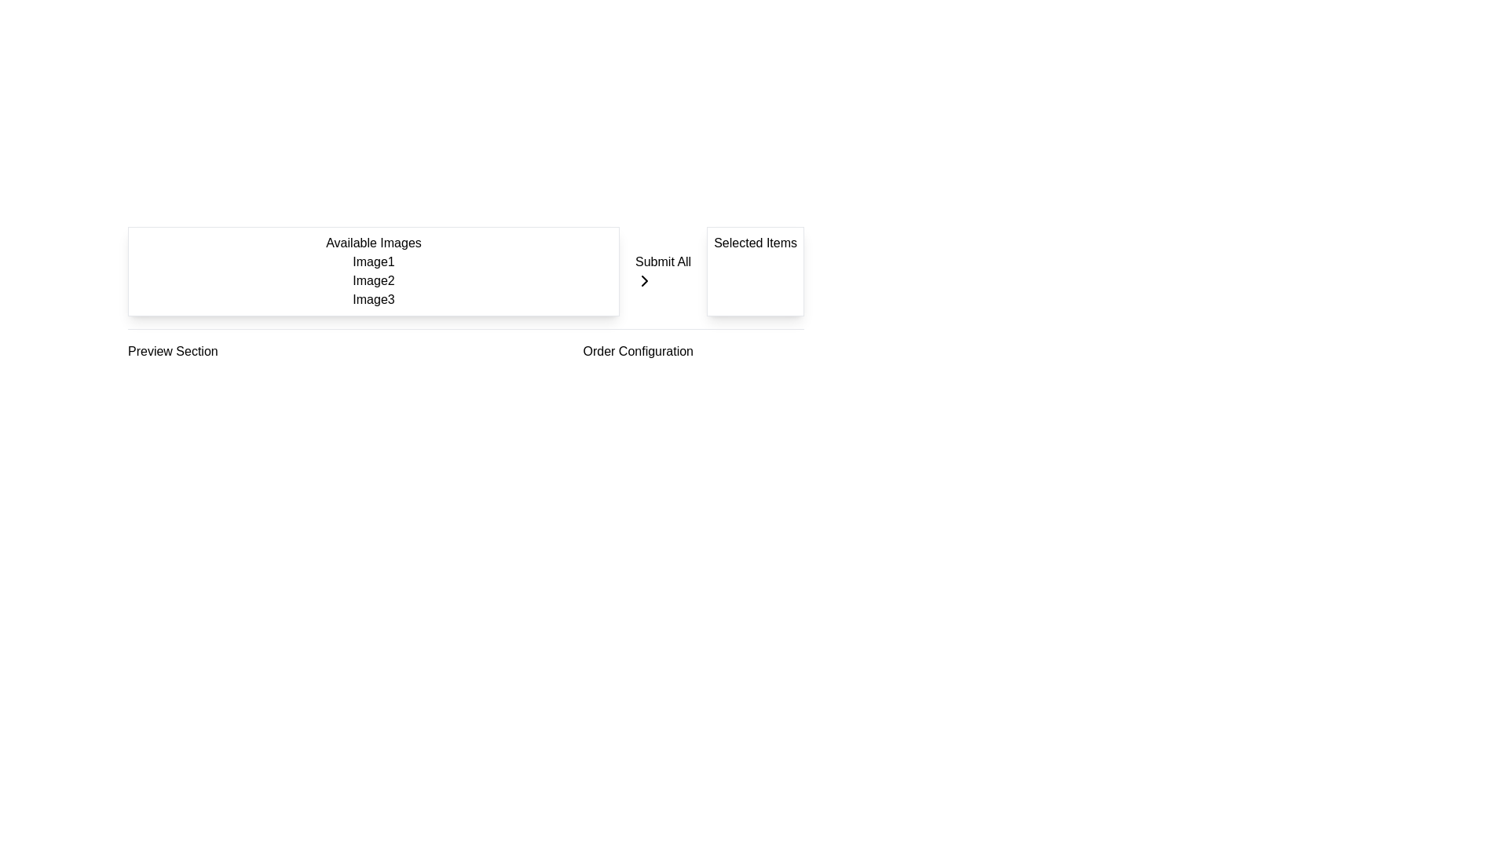 The width and height of the screenshot is (1508, 848). What do you see at coordinates (372, 299) in the screenshot?
I see `the image named Image3 in the 'Available Images' list` at bounding box center [372, 299].